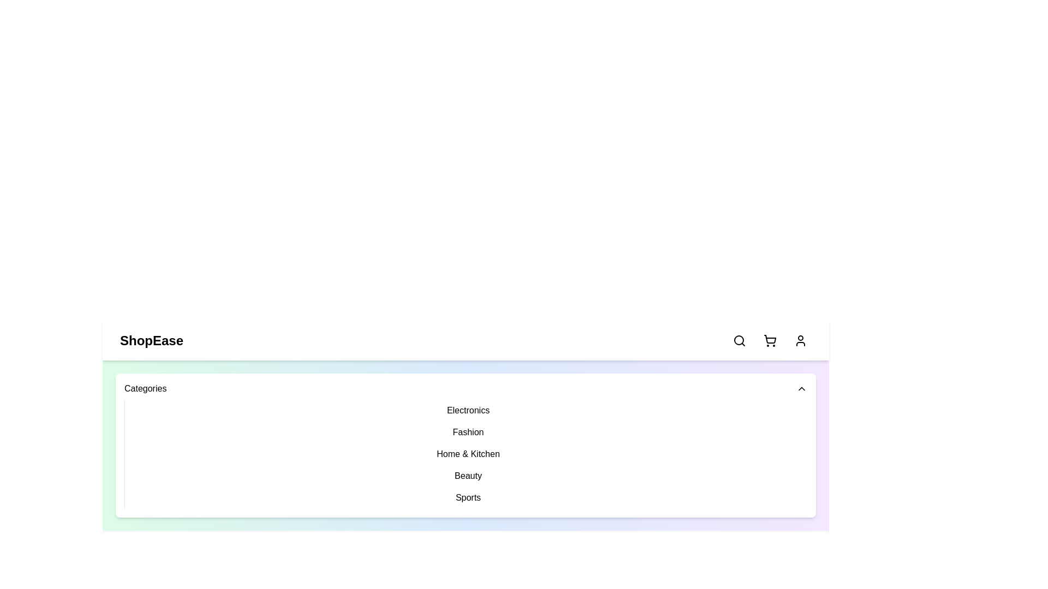 This screenshot has height=589, width=1048. What do you see at coordinates (770, 340) in the screenshot?
I see `the shopping cart icon located in the top-right corner of the page to possibly reveal additional cart details` at bounding box center [770, 340].